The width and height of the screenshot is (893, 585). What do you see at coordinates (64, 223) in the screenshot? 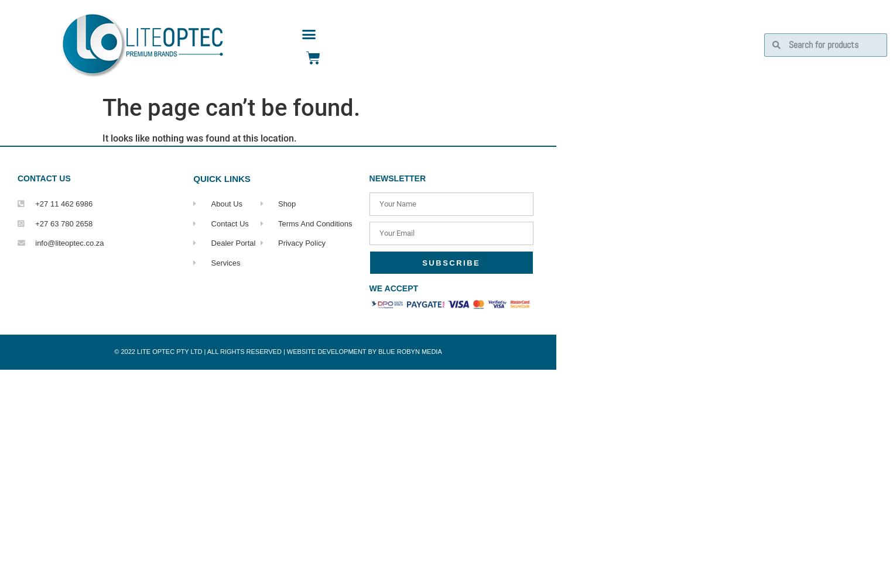
I see `'+27 63 780 2658'` at bounding box center [64, 223].